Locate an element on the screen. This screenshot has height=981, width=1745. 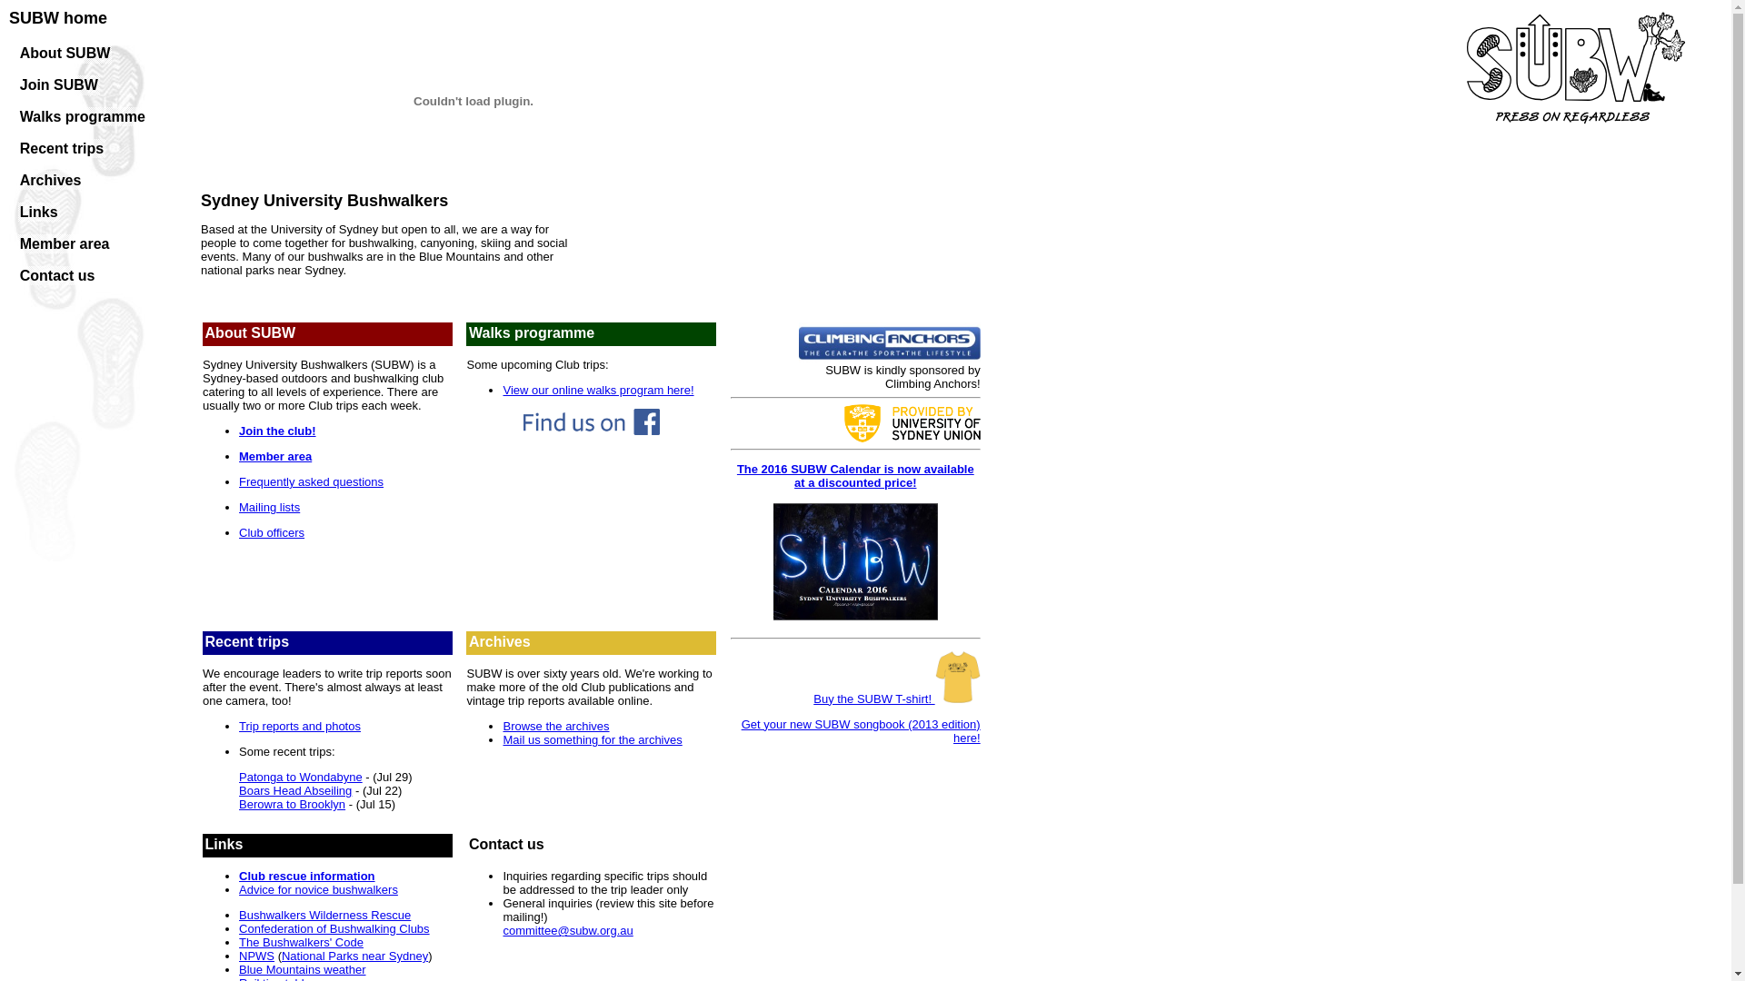
'Walks programme' is located at coordinates (82, 116).